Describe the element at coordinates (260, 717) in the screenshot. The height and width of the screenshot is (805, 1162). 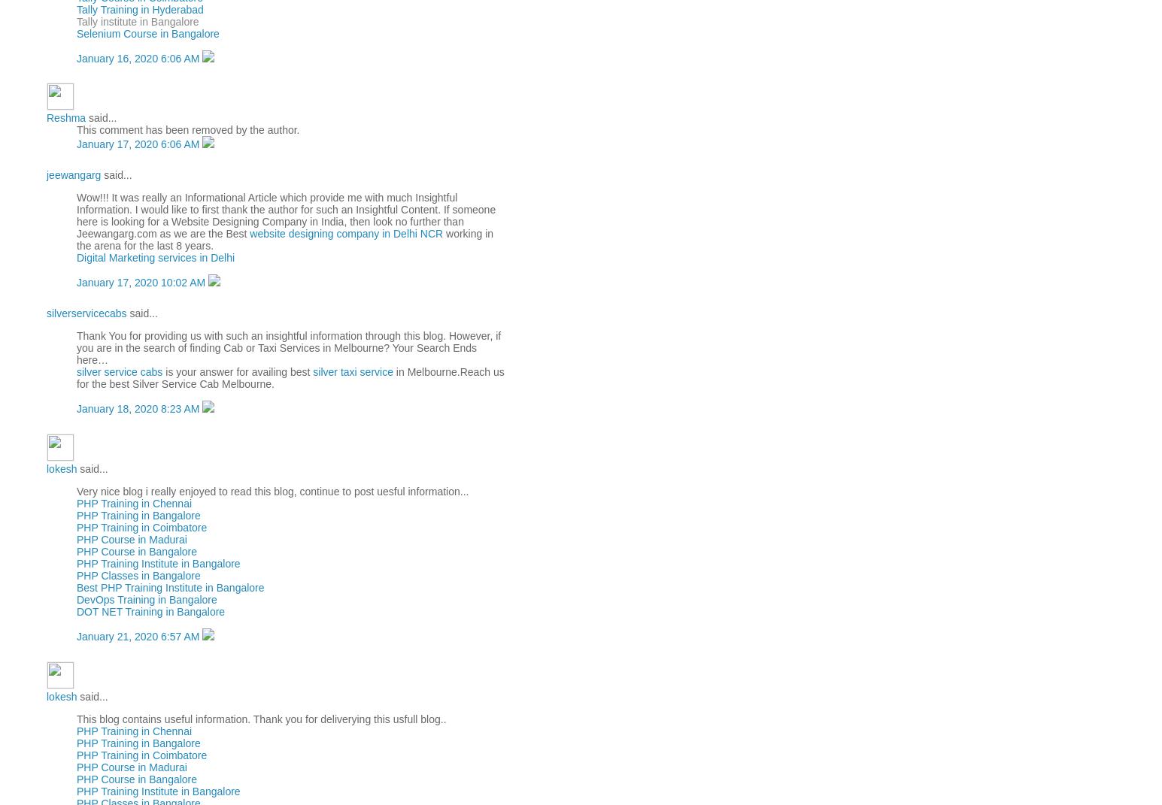
I see `'This blog contains useful information. Thank you for deliverying this usfull blog..'` at that location.